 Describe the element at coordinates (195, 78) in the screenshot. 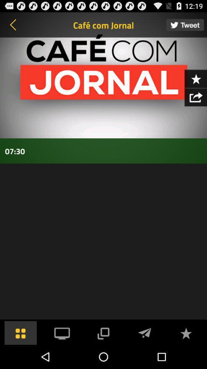

I see `star option` at that location.